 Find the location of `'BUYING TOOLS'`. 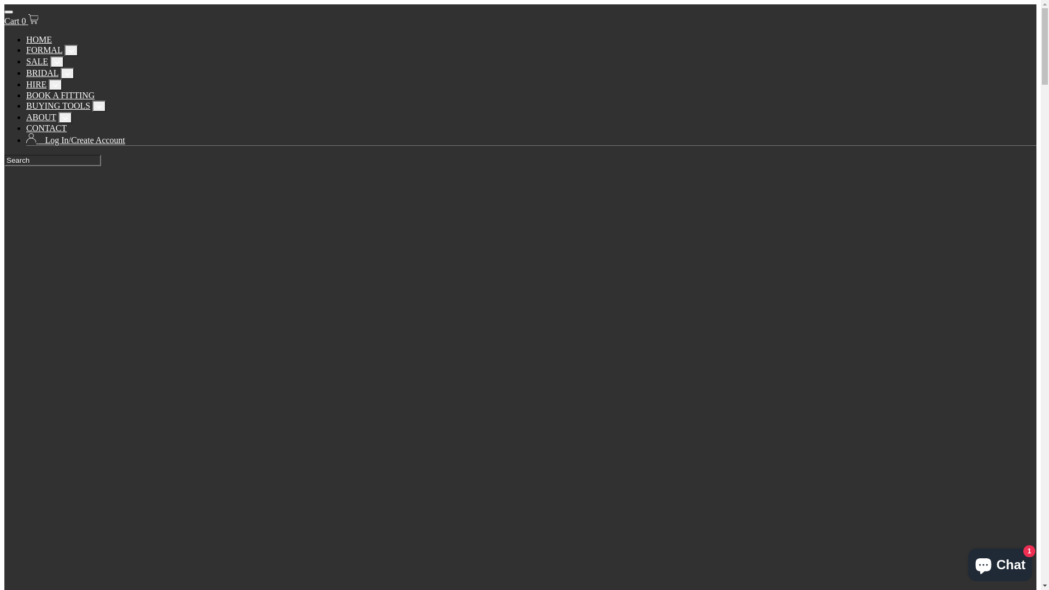

'BUYING TOOLS' is located at coordinates (57, 105).